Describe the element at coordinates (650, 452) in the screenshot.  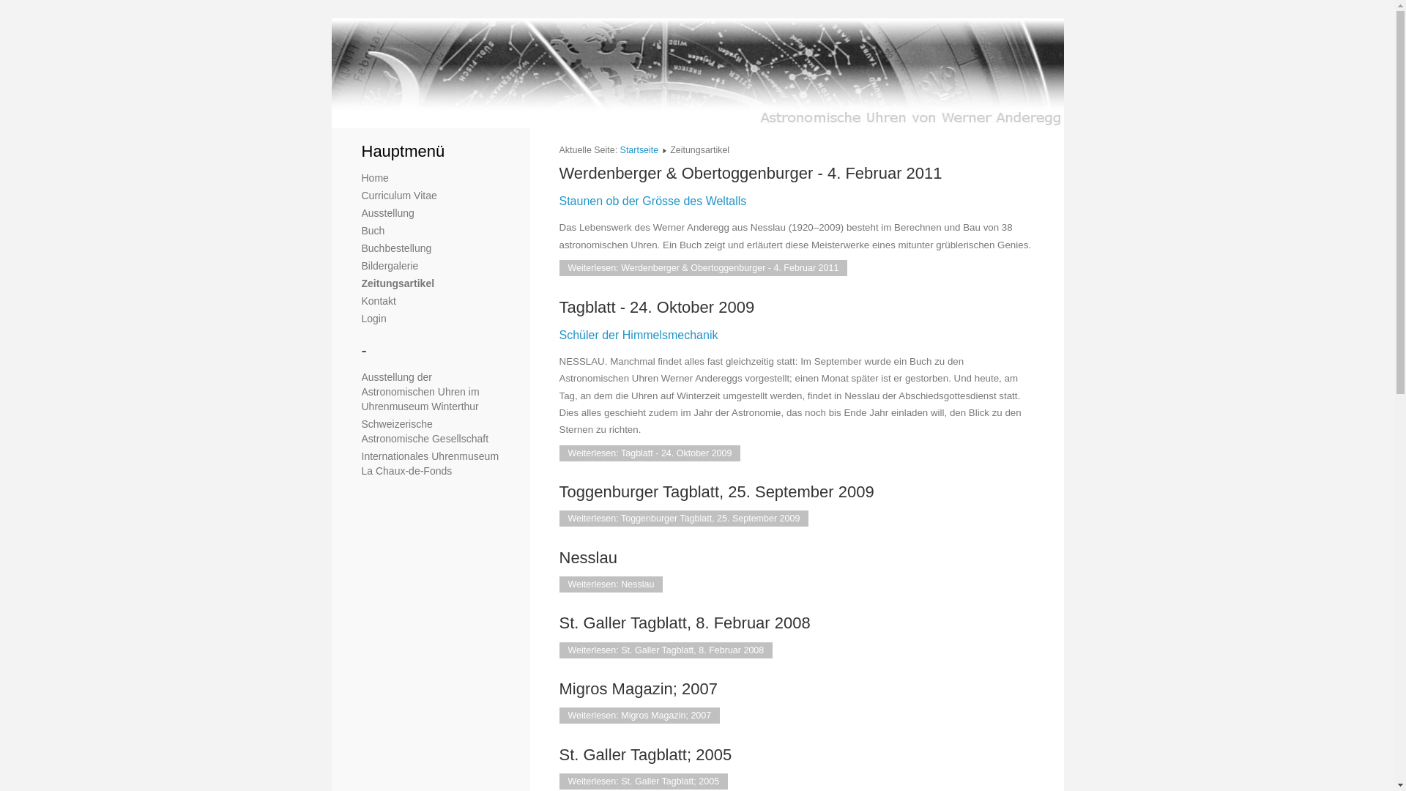
I see `'Weiterlesen: Tagblatt - 24. Oktober 2009'` at that location.